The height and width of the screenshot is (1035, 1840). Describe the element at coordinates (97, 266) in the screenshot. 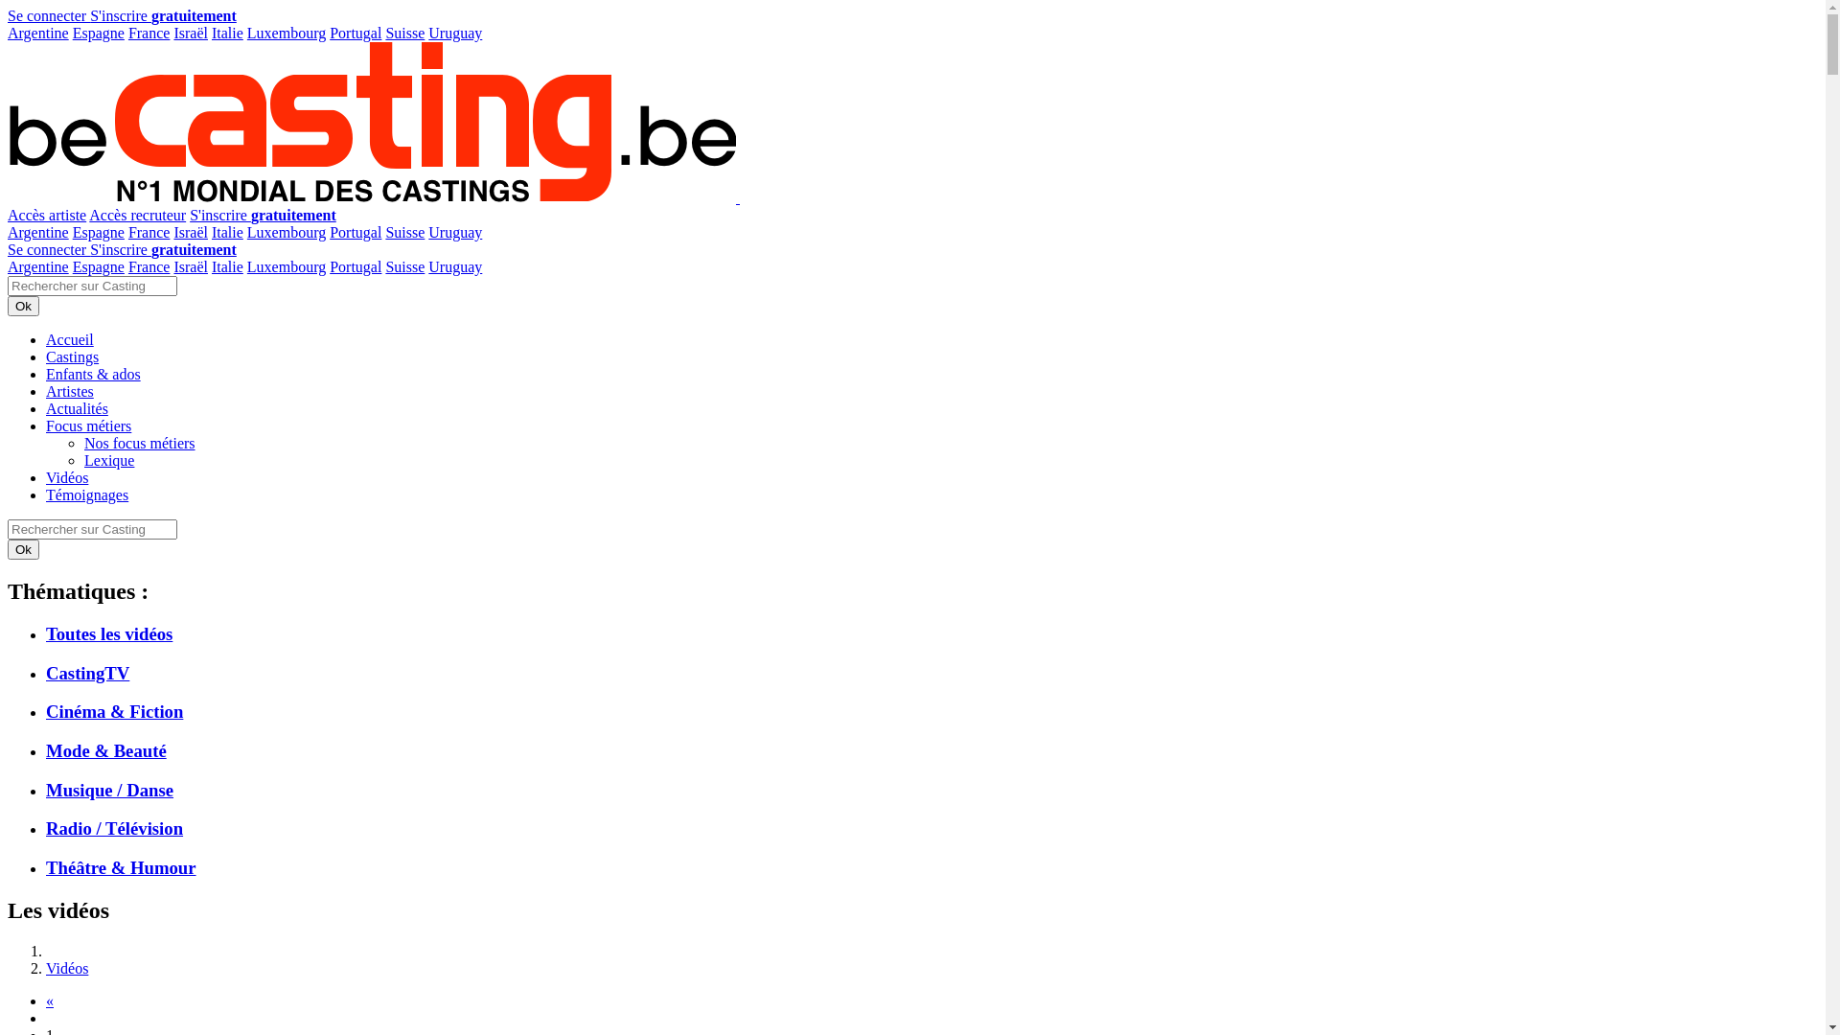

I see `'Espagne'` at that location.